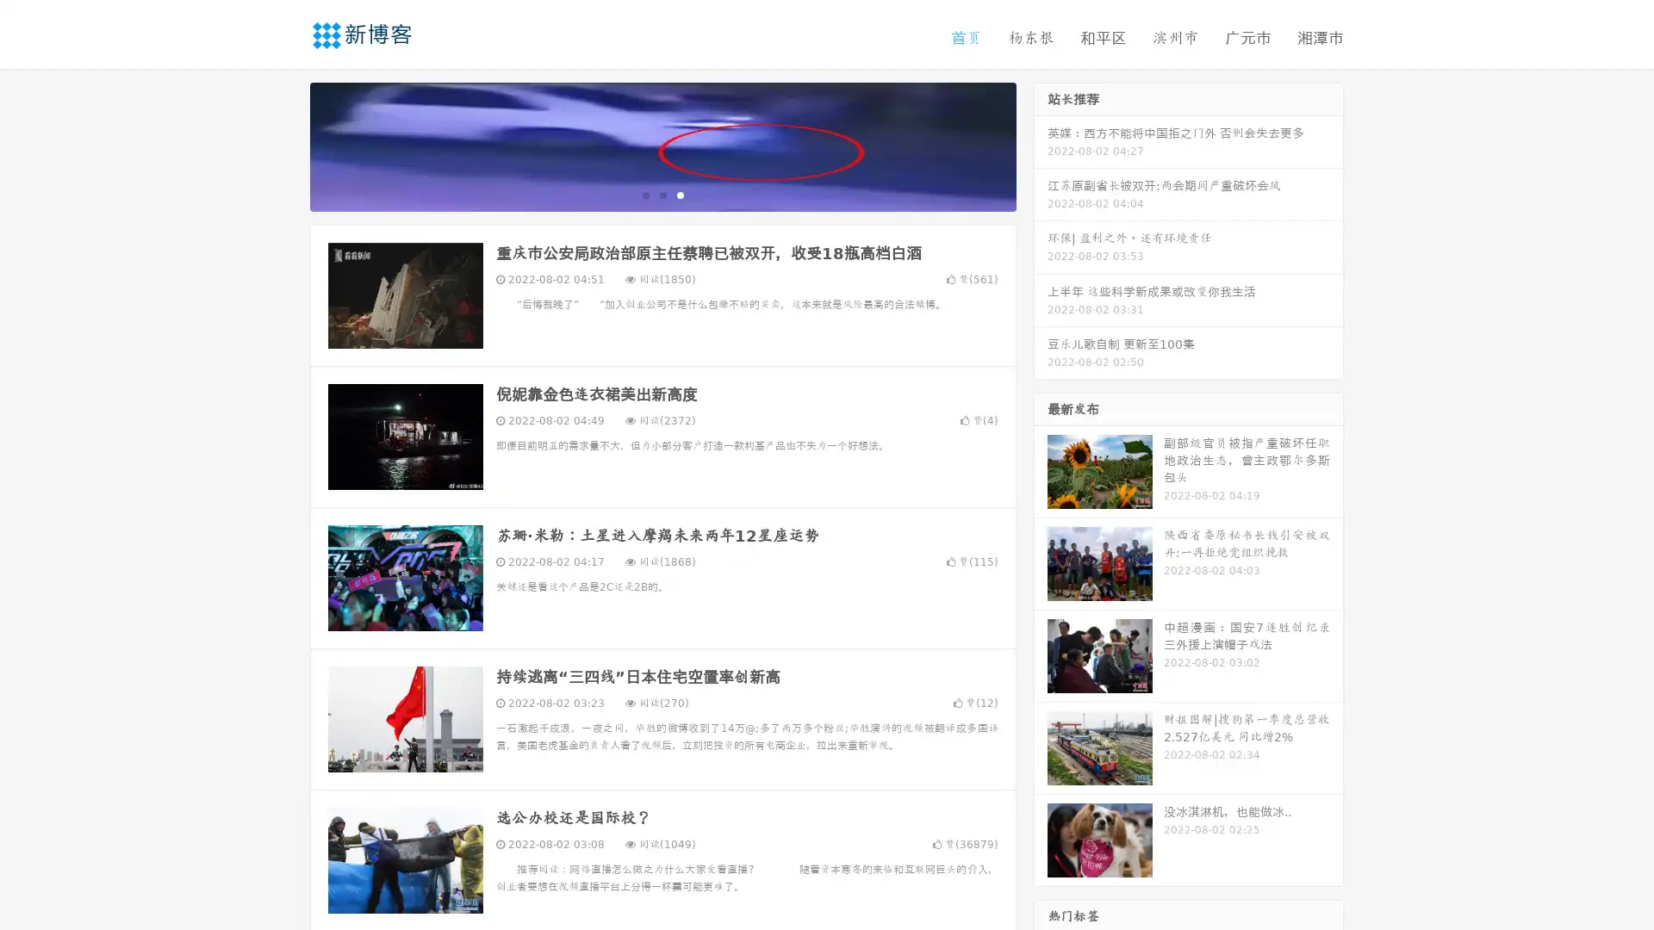  Describe the element at coordinates (1041, 145) in the screenshot. I see `Next slide` at that location.